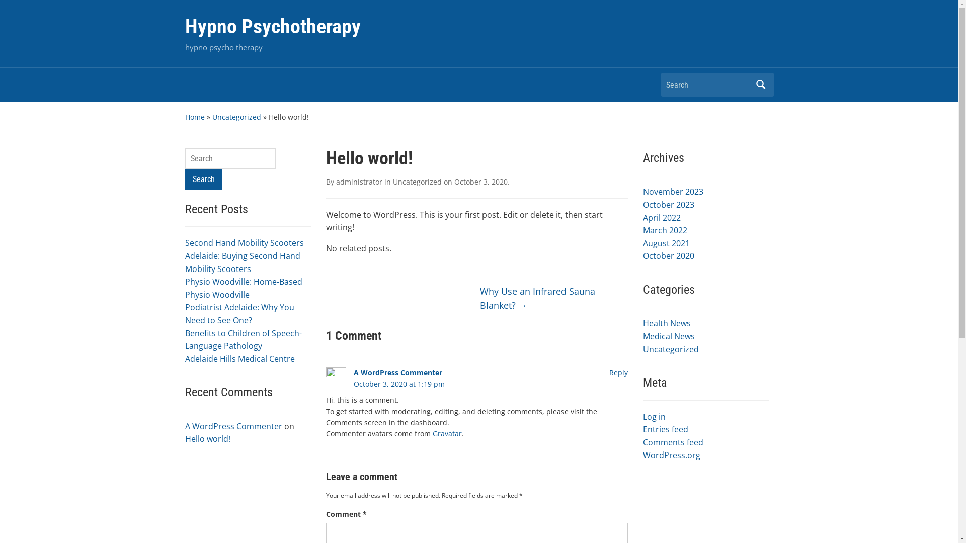 The width and height of the screenshot is (966, 543). Describe the element at coordinates (480, 182) in the screenshot. I see `'October 3, 2020'` at that location.